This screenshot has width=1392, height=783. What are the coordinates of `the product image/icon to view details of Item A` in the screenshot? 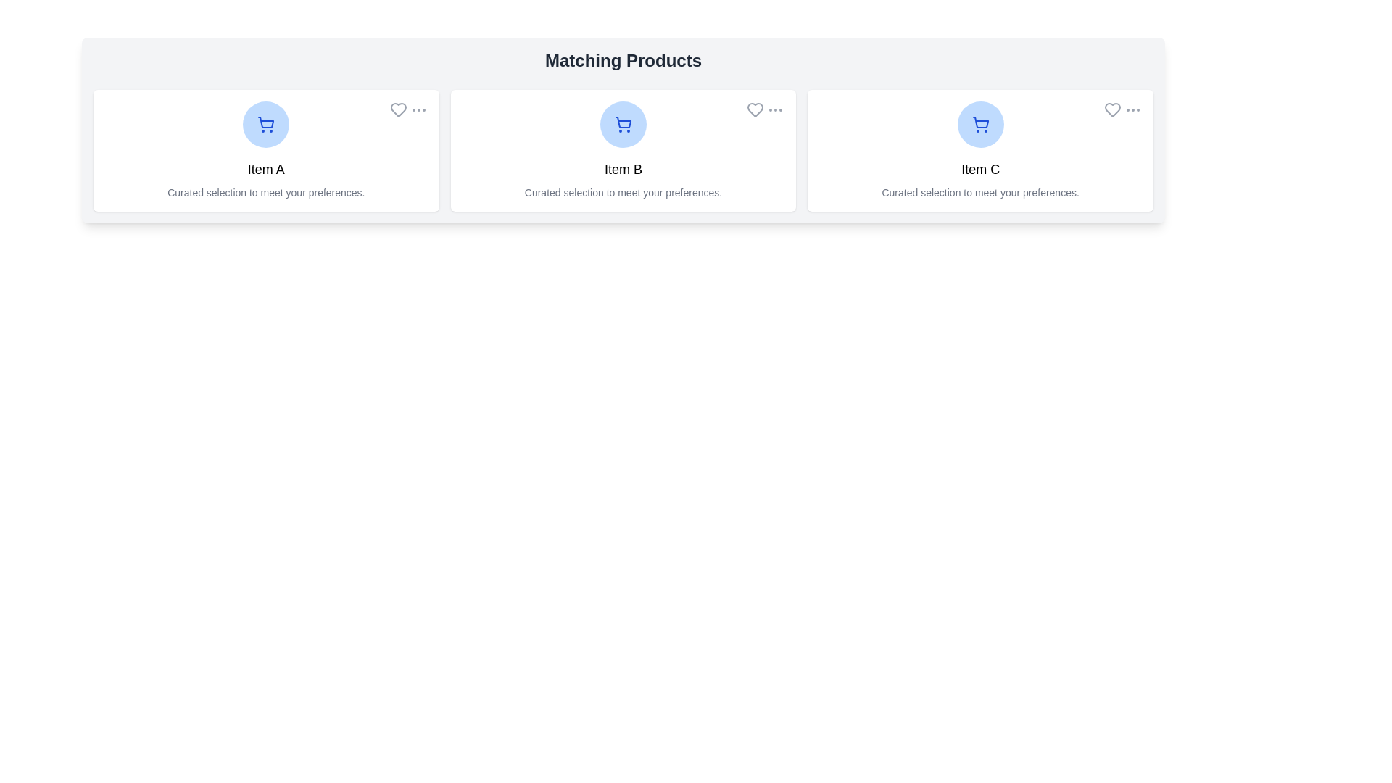 It's located at (265, 124).